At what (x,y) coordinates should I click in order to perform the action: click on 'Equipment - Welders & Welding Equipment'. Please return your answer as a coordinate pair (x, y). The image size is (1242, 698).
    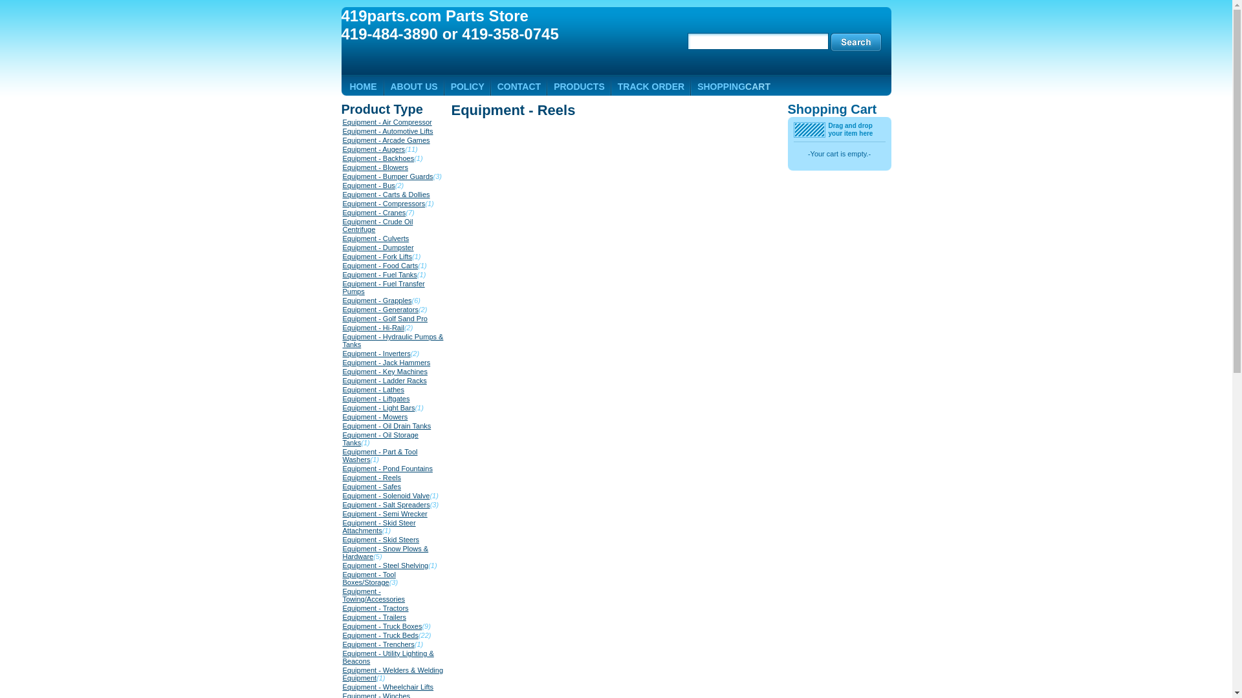
    Looking at the image, I should click on (342, 673).